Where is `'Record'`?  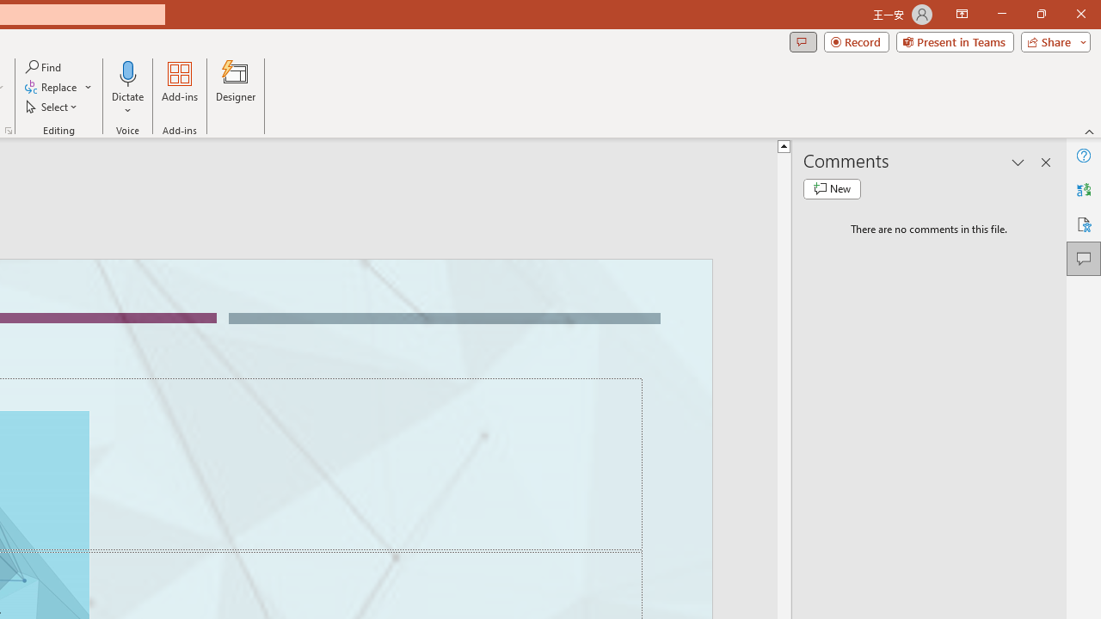 'Record' is located at coordinates (856, 40).